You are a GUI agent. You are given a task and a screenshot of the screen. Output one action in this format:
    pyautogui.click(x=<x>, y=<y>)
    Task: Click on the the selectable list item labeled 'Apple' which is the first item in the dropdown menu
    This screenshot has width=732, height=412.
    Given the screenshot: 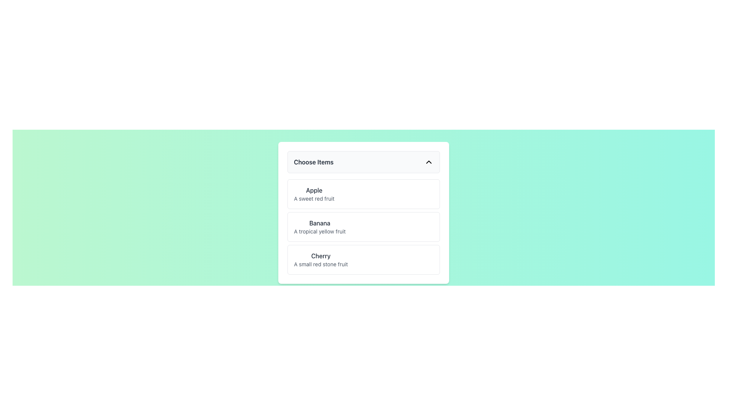 What is the action you would take?
    pyautogui.click(x=314, y=194)
    